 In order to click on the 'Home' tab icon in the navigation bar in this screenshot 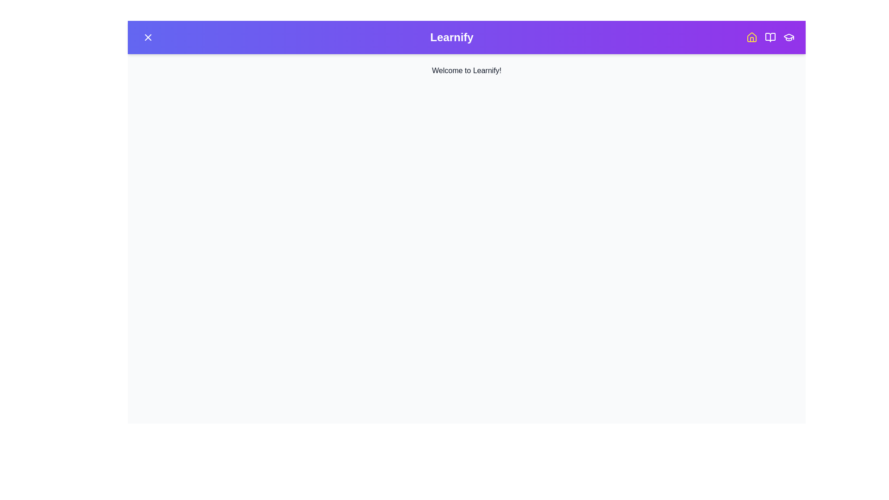, I will do `click(751, 37)`.